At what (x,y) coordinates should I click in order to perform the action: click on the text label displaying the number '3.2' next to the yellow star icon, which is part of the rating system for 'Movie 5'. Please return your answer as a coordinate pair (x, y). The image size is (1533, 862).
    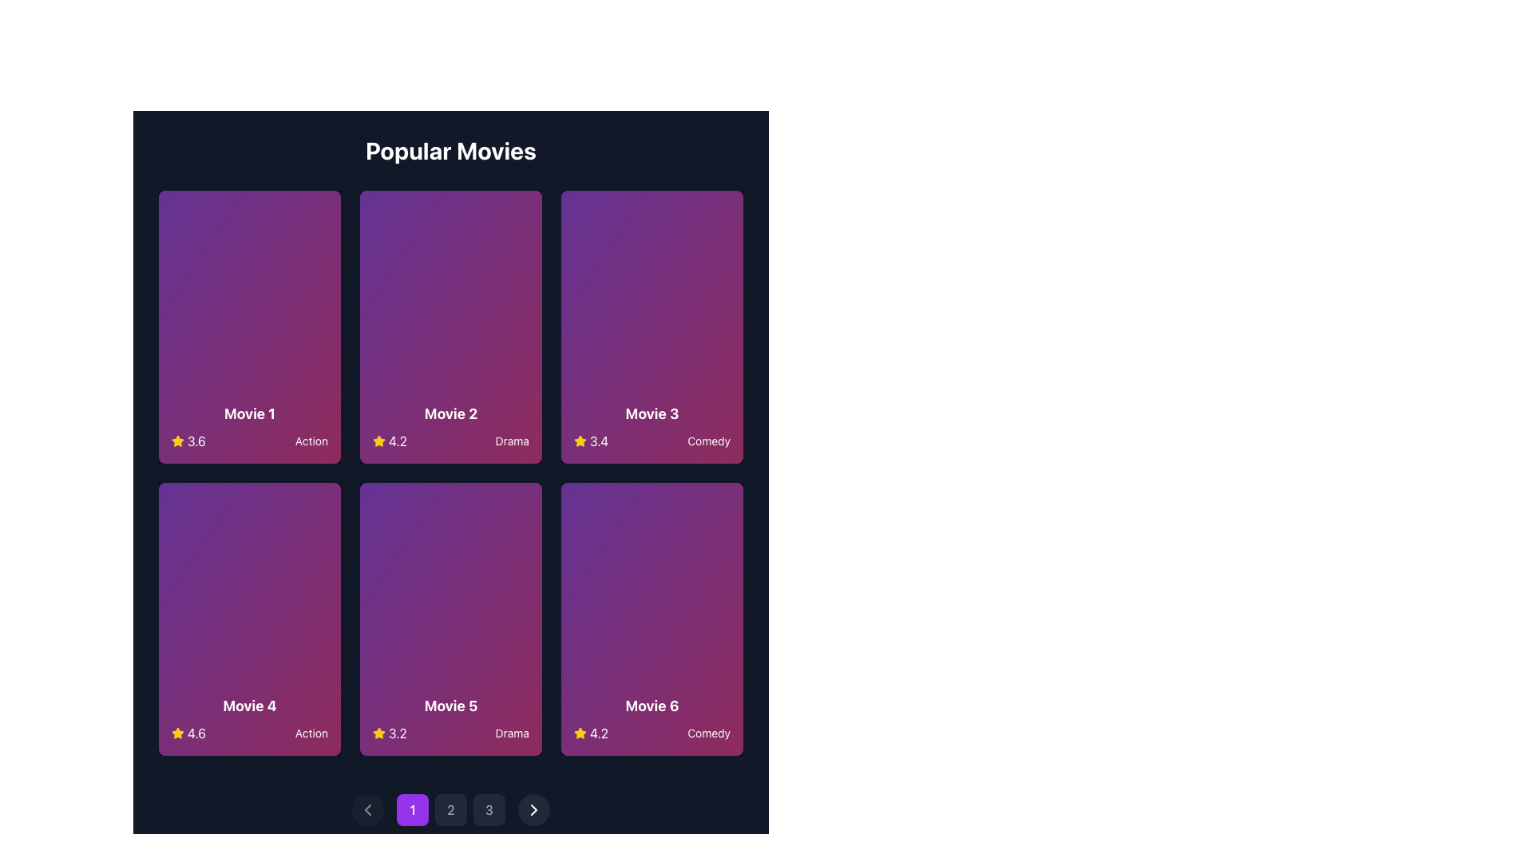
    Looking at the image, I should click on (390, 733).